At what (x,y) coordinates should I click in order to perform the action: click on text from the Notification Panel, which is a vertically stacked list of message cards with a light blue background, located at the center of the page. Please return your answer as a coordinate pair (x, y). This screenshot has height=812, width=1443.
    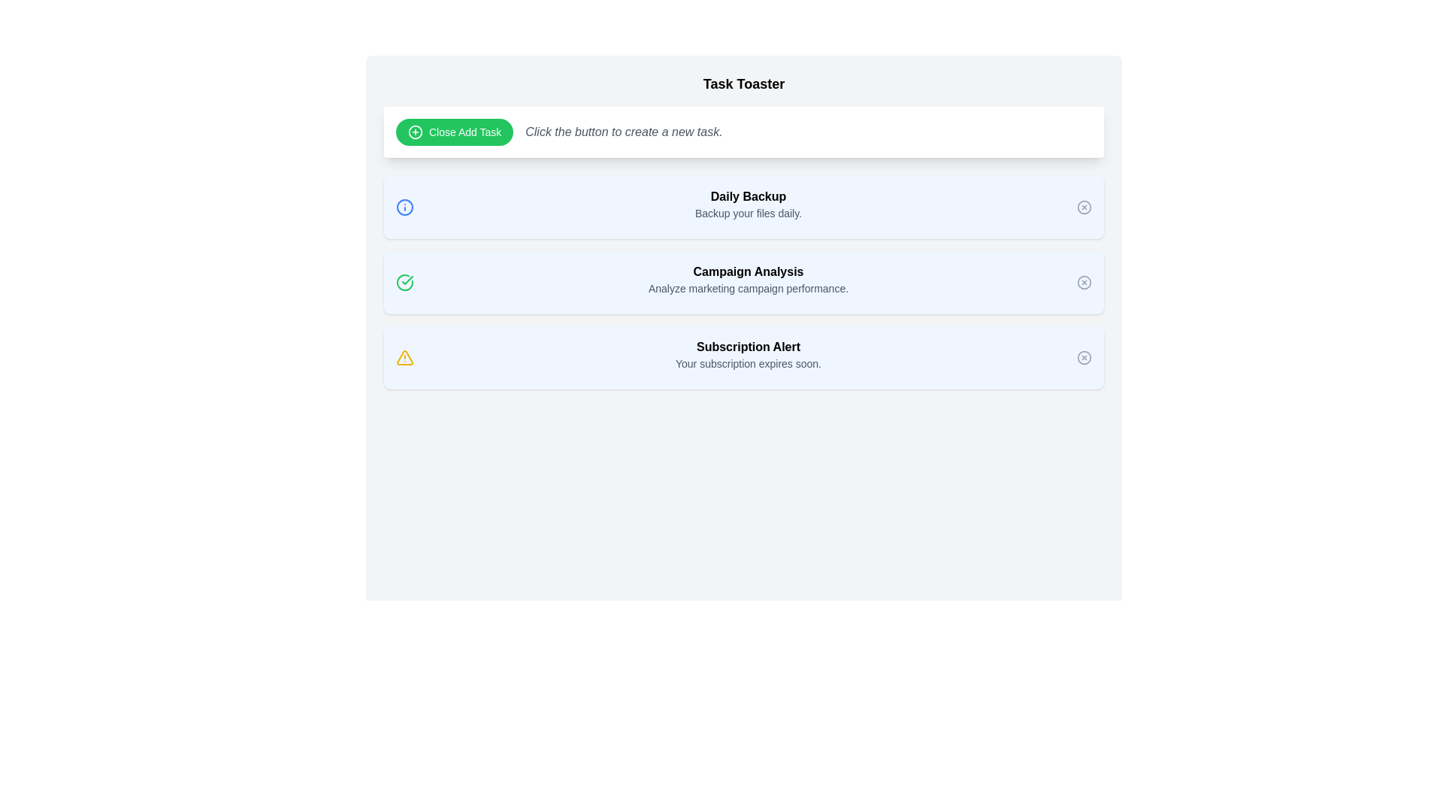
    Looking at the image, I should click on (743, 282).